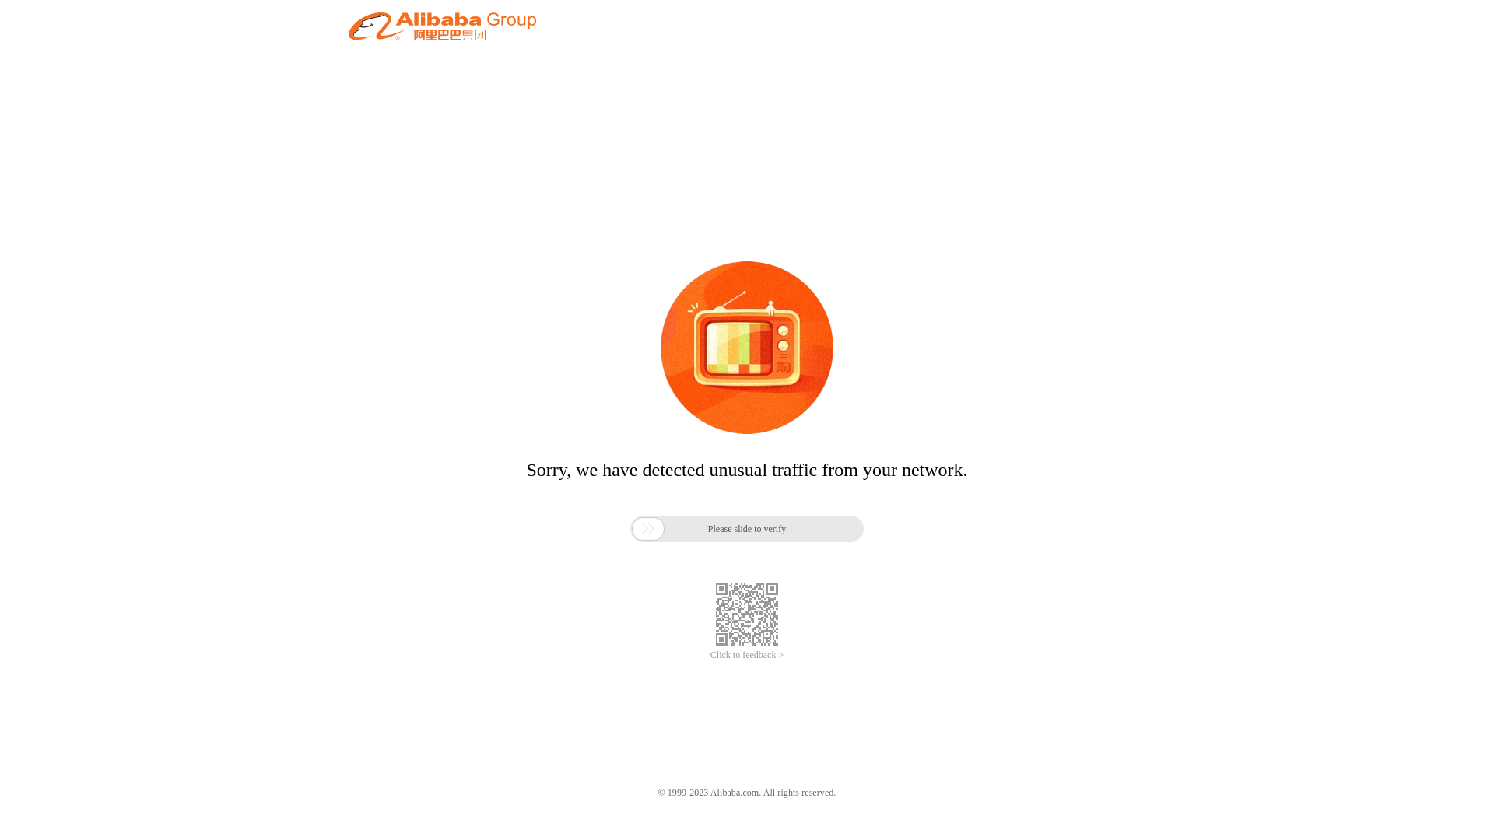  What do you see at coordinates (709, 655) in the screenshot?
I see `'Click to feedback >'` at bounding box center [709, 655].